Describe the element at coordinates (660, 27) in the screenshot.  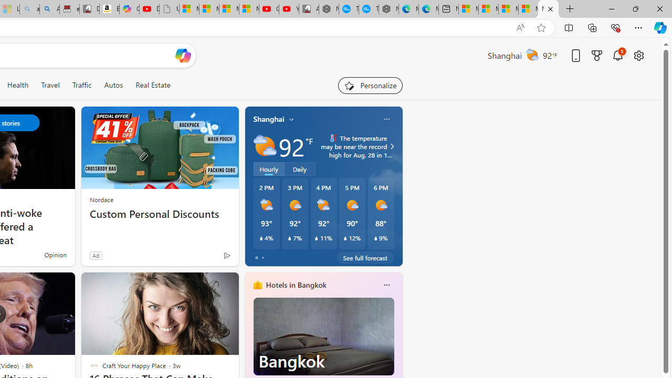
I see `'Copilot (Ctrl+Shift+.)'` at that location.